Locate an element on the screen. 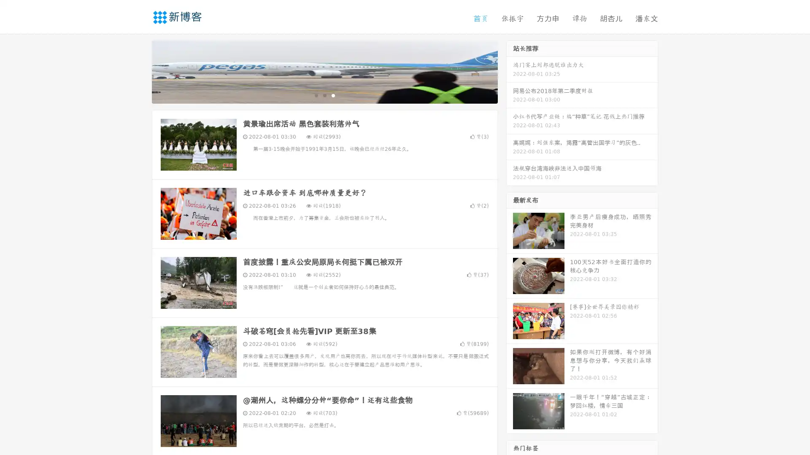 The width and height of the screenshot is (810, 455). Go to slide 2 is located at coordinates (324, 95).